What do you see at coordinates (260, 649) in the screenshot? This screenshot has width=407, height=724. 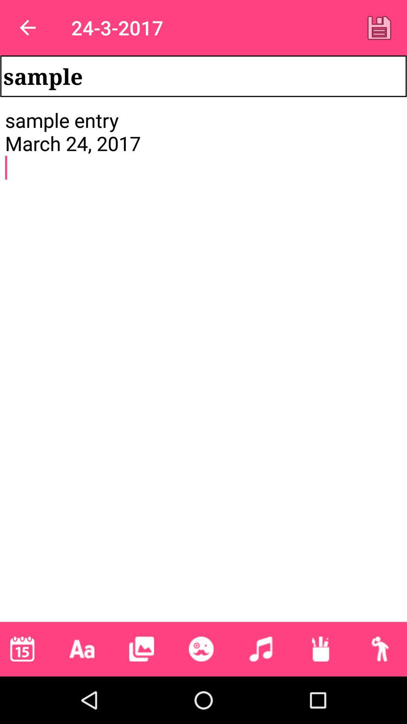 I see `the music icon` at bounding box center [260, 649].